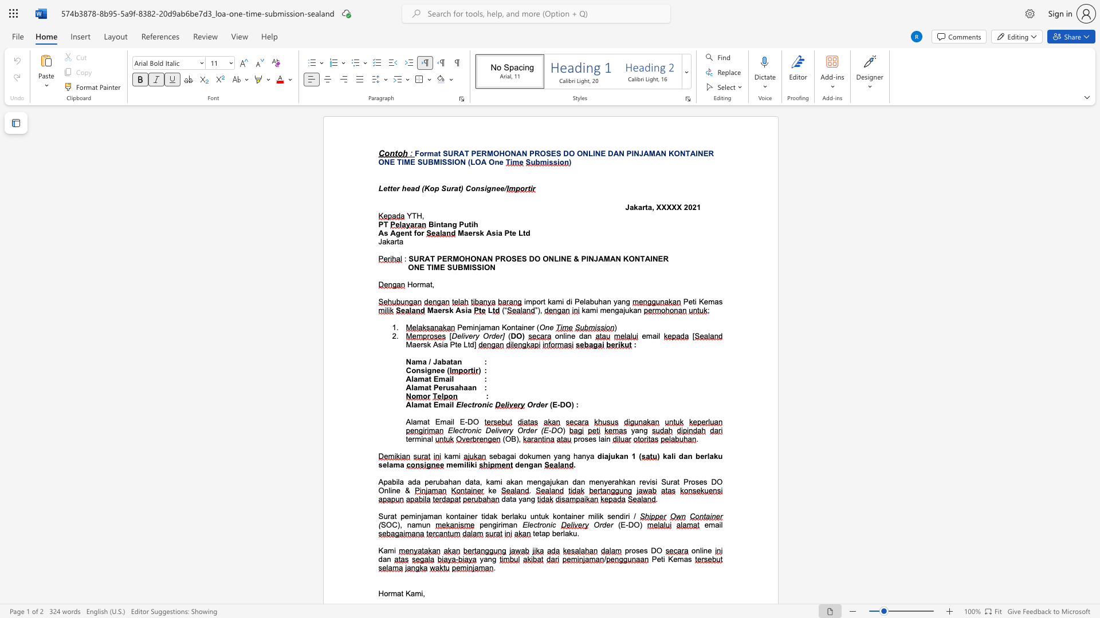  I want to click on the subset text "Alamat Email" within the text "Alamat Email", so click(406, 379).